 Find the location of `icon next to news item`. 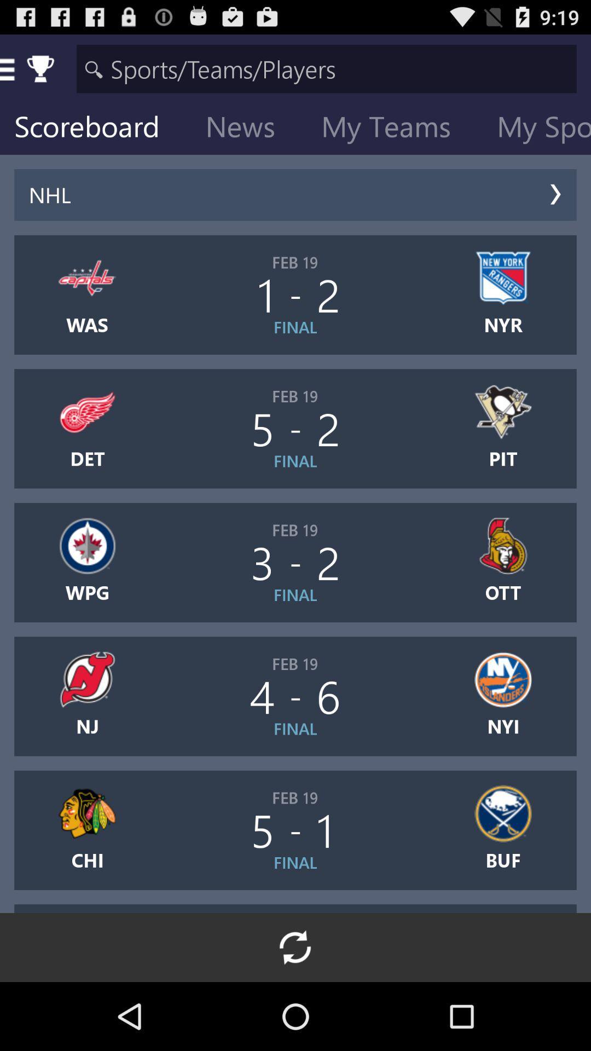

icon next to news item is located at coordinates (95, 129).